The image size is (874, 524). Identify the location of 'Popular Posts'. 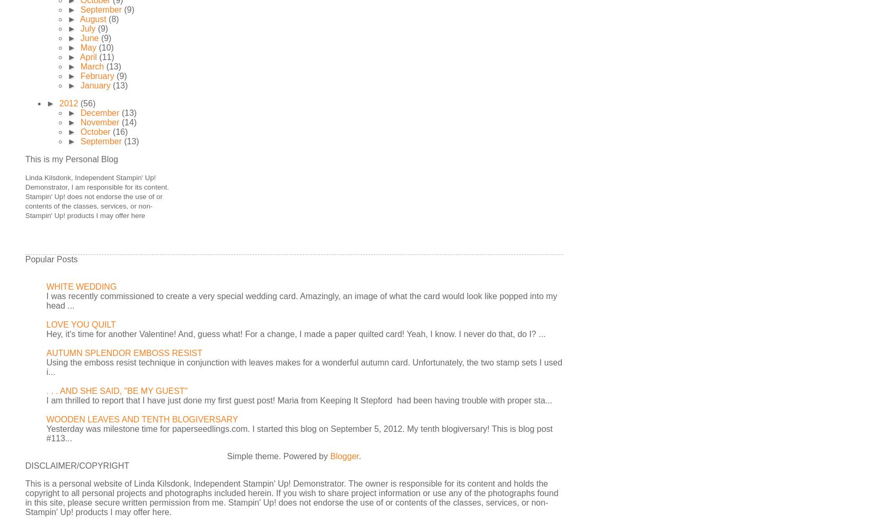
(51, 259).